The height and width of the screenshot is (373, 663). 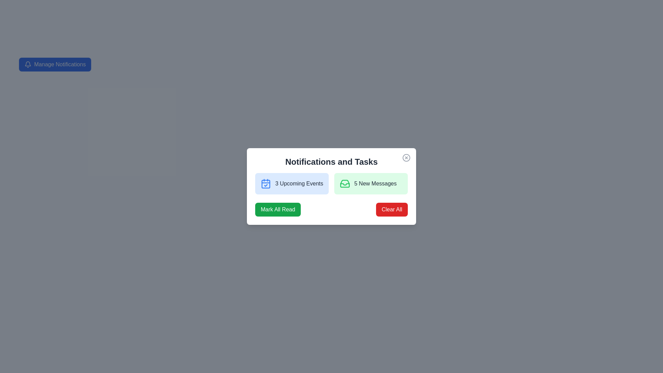 I want to click on the circular close button icon located in the top right corner of the notification card, so click(x=406, y=157).